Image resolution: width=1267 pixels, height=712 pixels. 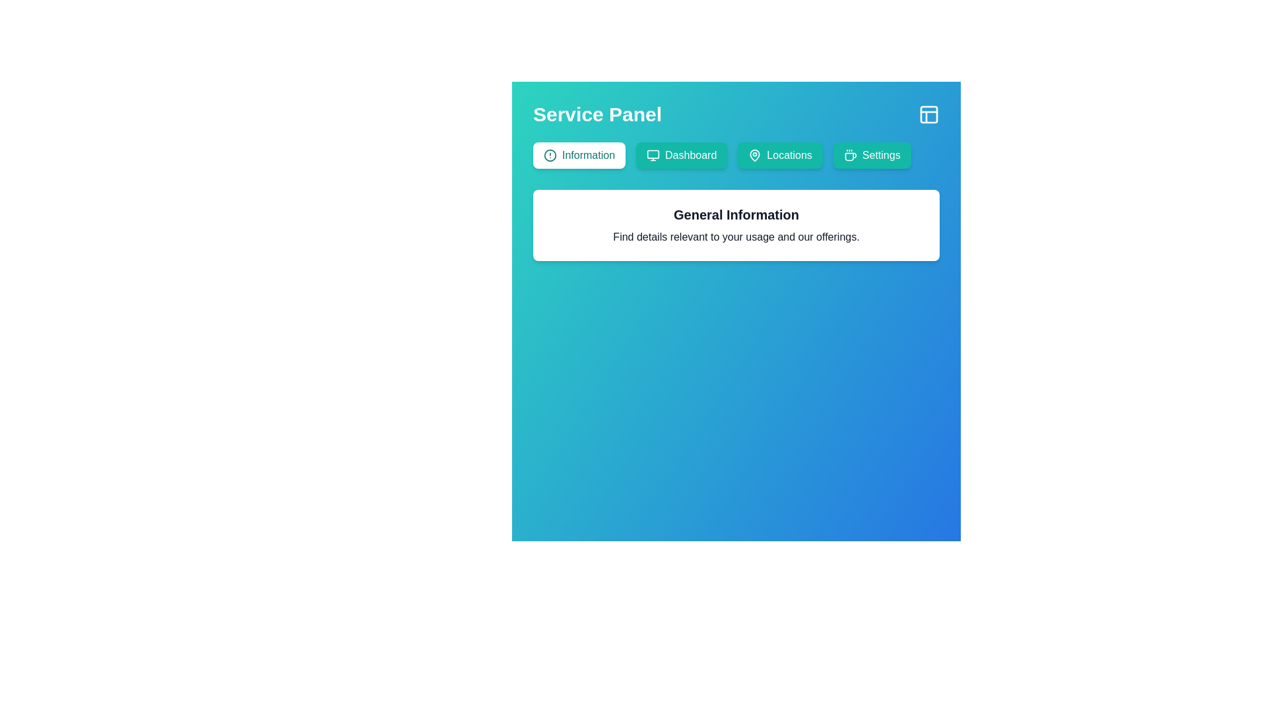 What do you see at coordinates (550, 154) in the screenshot?
I see `the decorative graphical element that forms the circular background of the alert icon within the 'Information' button located at the top-left side of the interface` at bounding box center [550, 154].